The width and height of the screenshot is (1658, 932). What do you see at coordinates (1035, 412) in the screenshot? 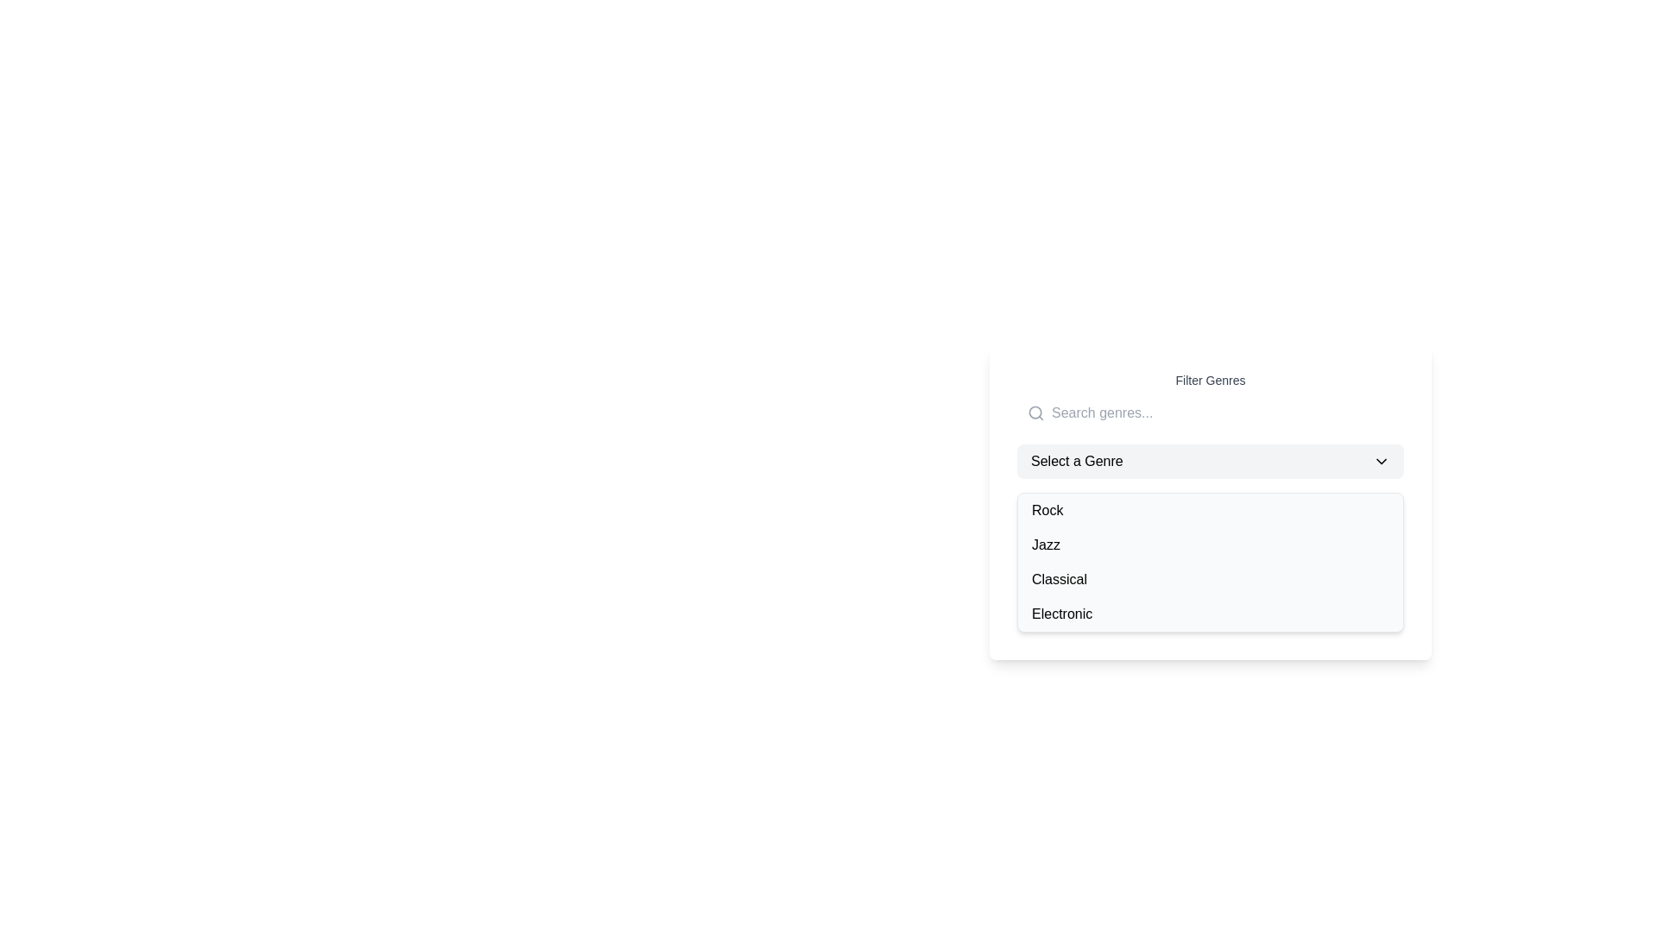
I see `the circular outline of the magnifying lens icon, which is part of the search icon located at the upper-left region of a dropdown and input combination panel` at bounding box center [1035, 412].